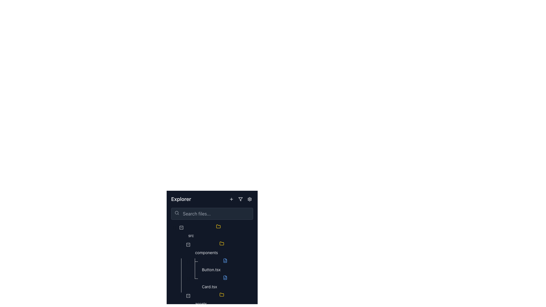 Image resolution: width=546 pixels, height=307 pixels. What do you see at coordinates (177, 213) in the screenshot?
I see `the magnifying glass icon, which is a white search symbol located inside the search bar at its left end, positioned to the left of the placeholder text 'Search files...'` at bounding box center [177, 213].